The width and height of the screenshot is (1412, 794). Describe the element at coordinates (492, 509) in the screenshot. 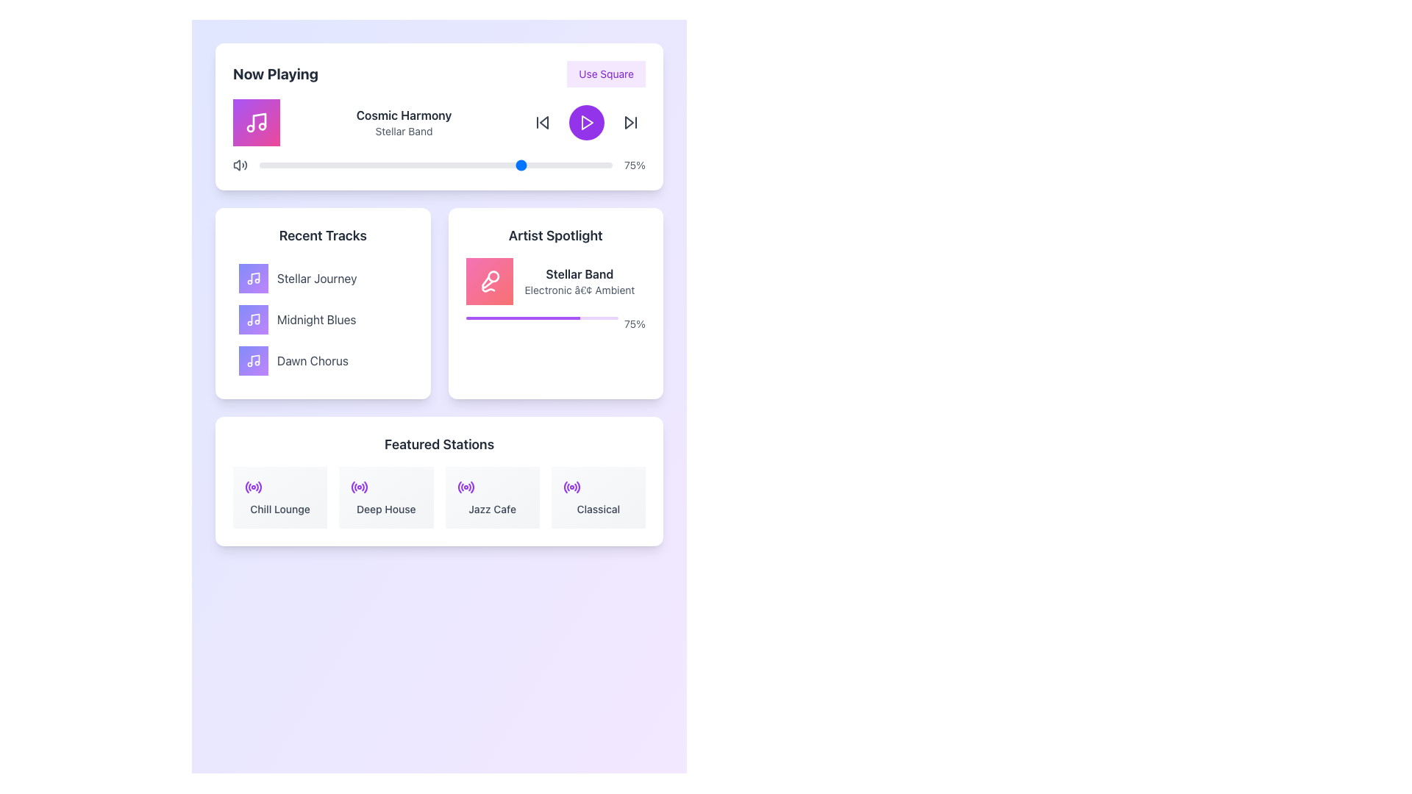

I see `the 'Jazz Cafe' label in the 'Featured Stations' section, which is the third block in a row of four` at that location.